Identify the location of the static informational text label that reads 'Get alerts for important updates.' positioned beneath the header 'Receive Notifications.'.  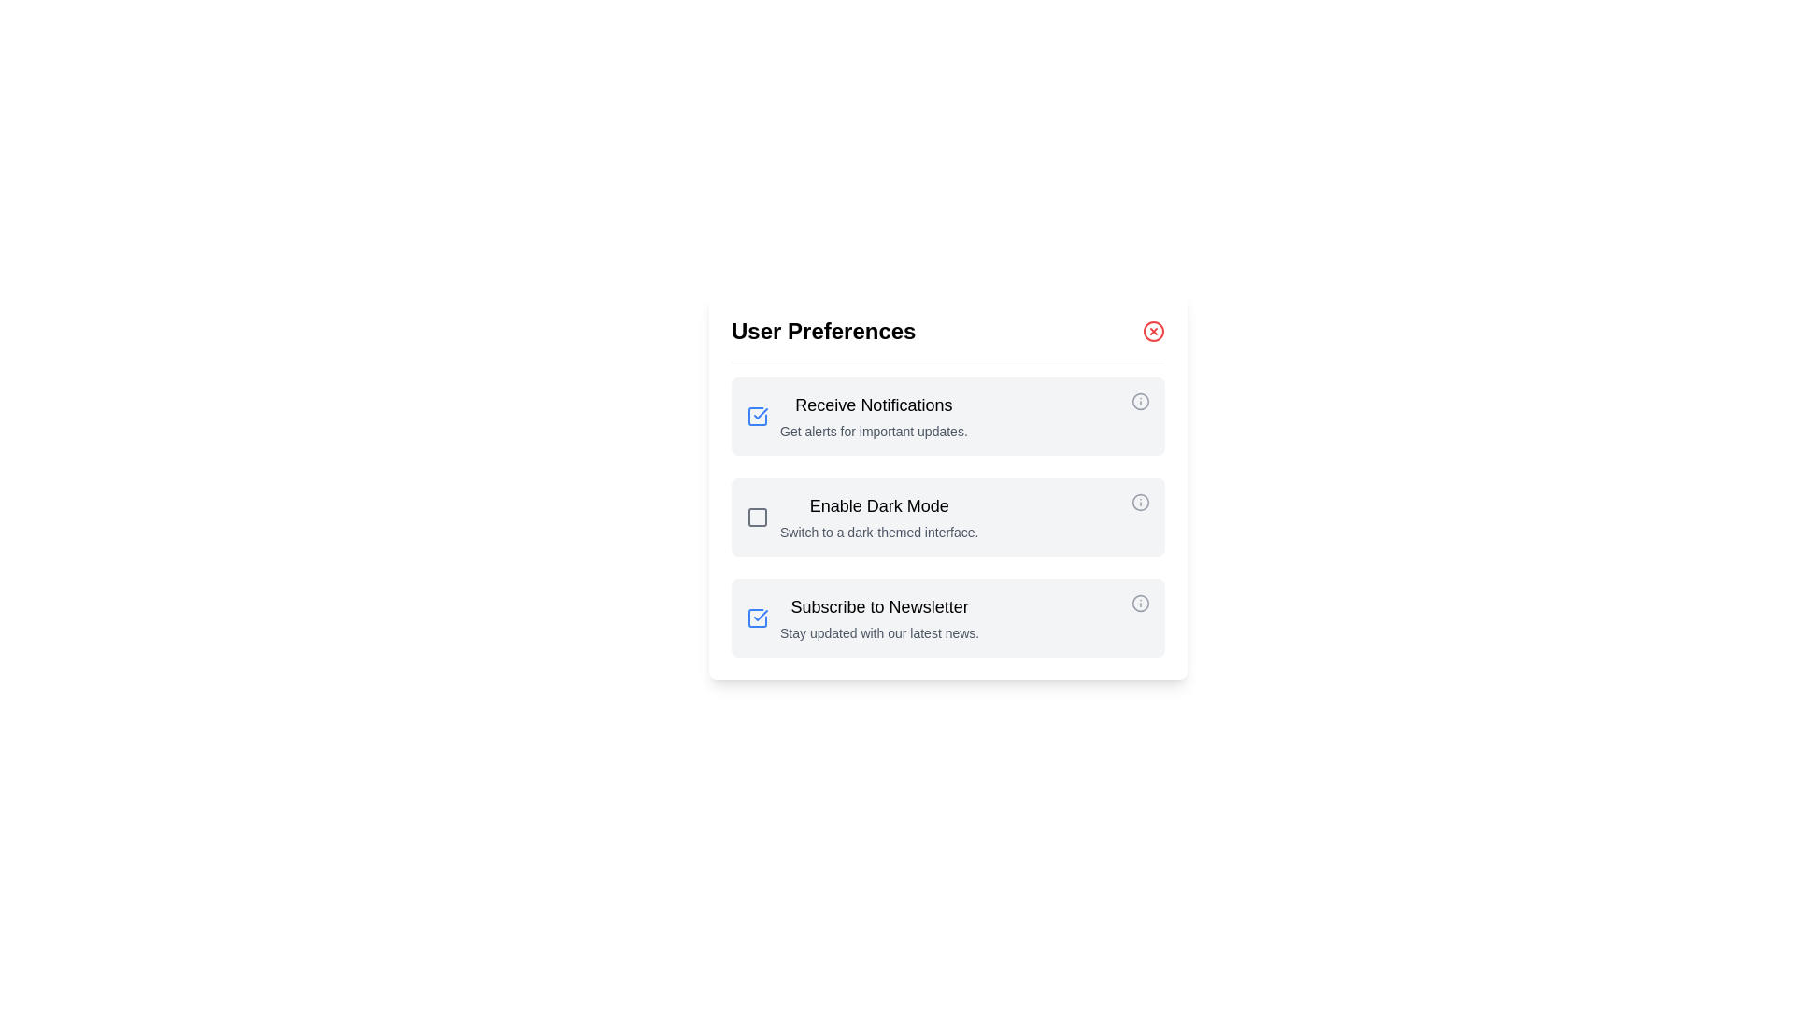
(873, 432).